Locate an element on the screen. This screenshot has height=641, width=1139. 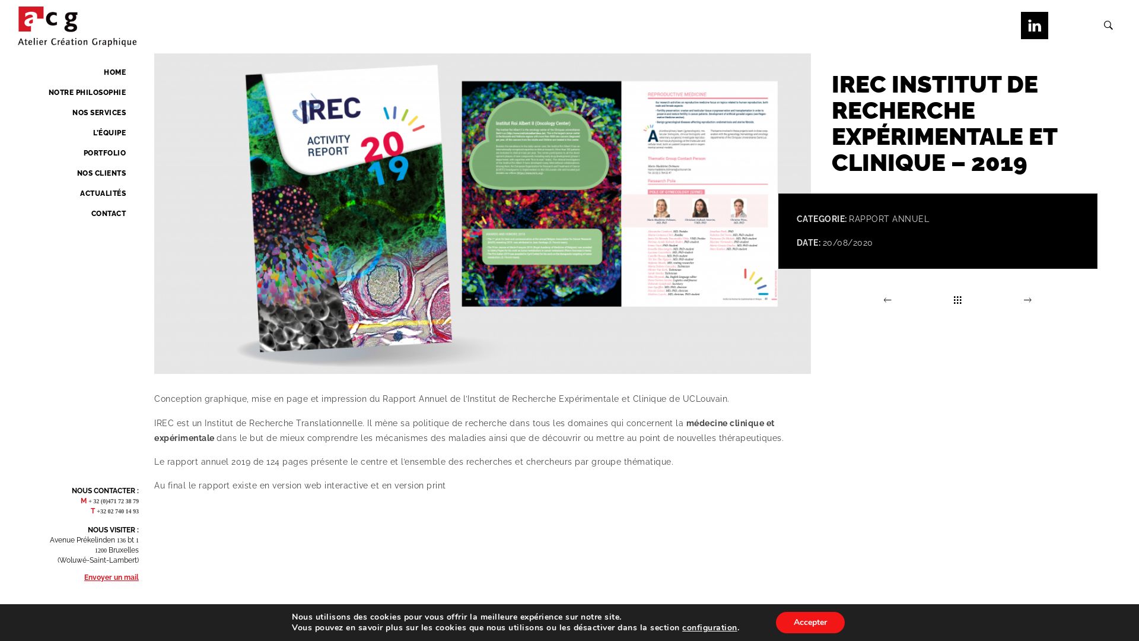
'Accepter' is located at coordinates (776, 622).